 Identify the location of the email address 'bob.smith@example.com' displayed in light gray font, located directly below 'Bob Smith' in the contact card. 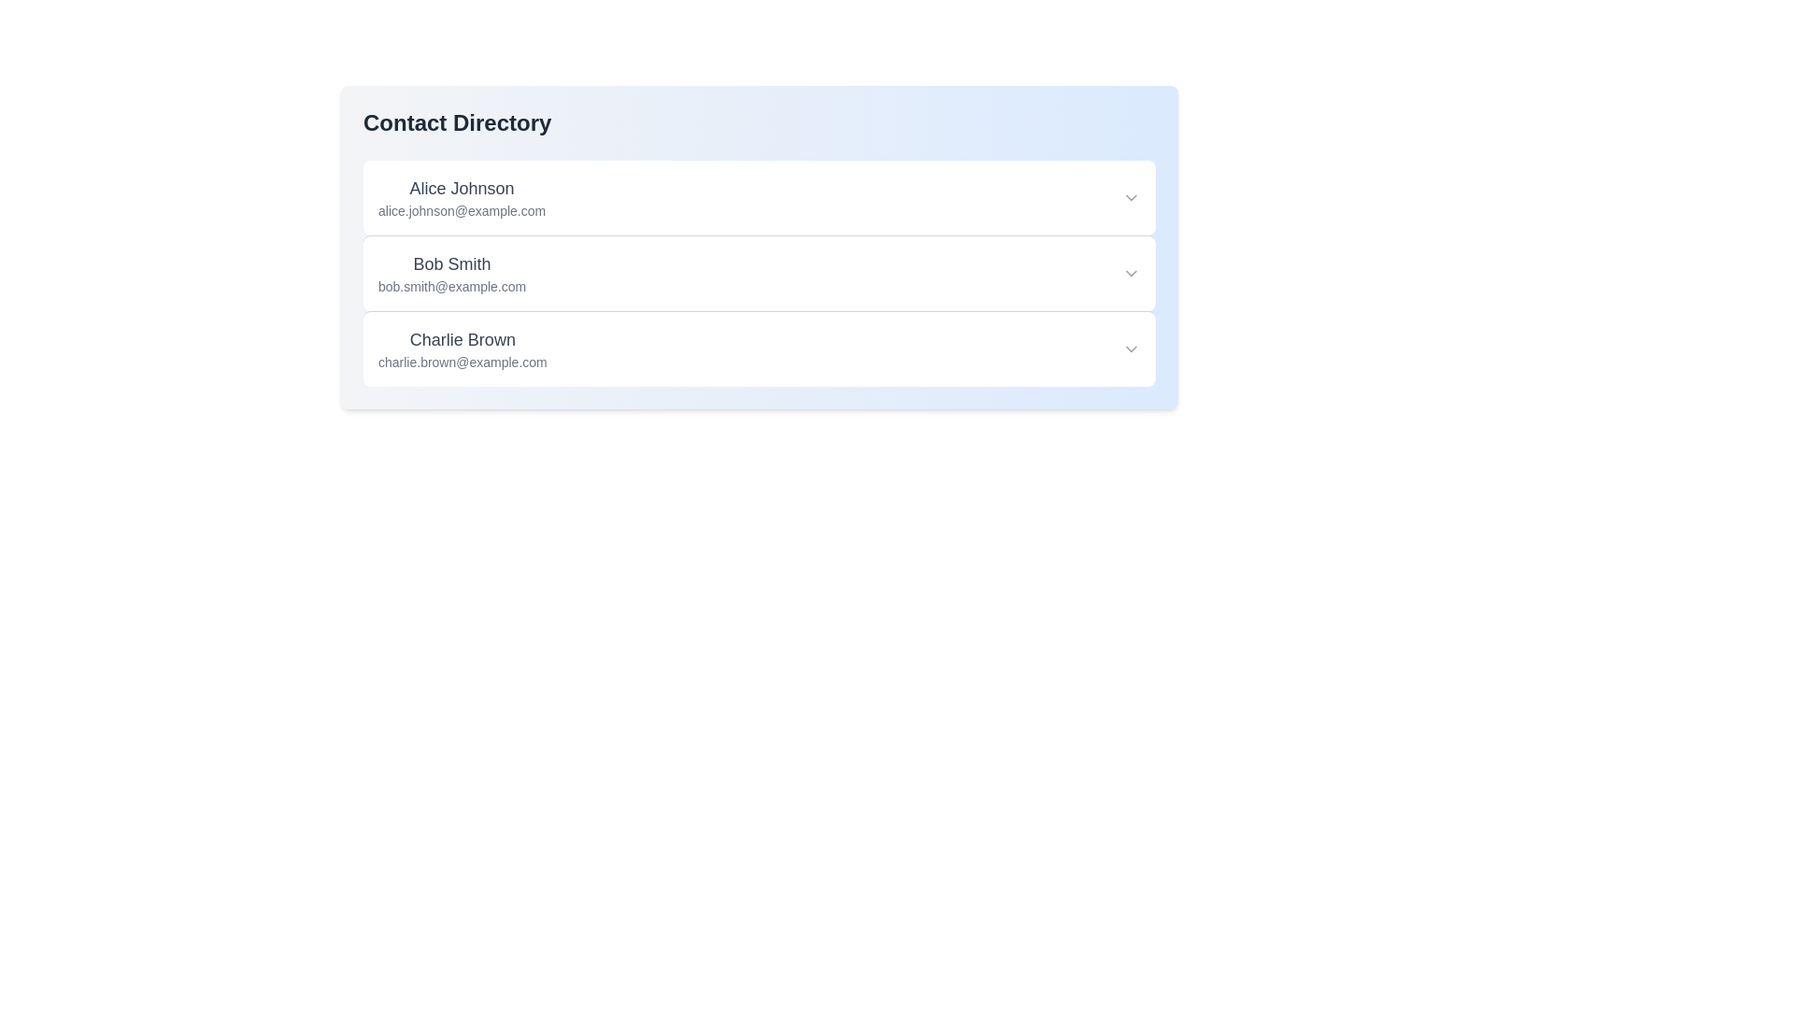
(452, 287).